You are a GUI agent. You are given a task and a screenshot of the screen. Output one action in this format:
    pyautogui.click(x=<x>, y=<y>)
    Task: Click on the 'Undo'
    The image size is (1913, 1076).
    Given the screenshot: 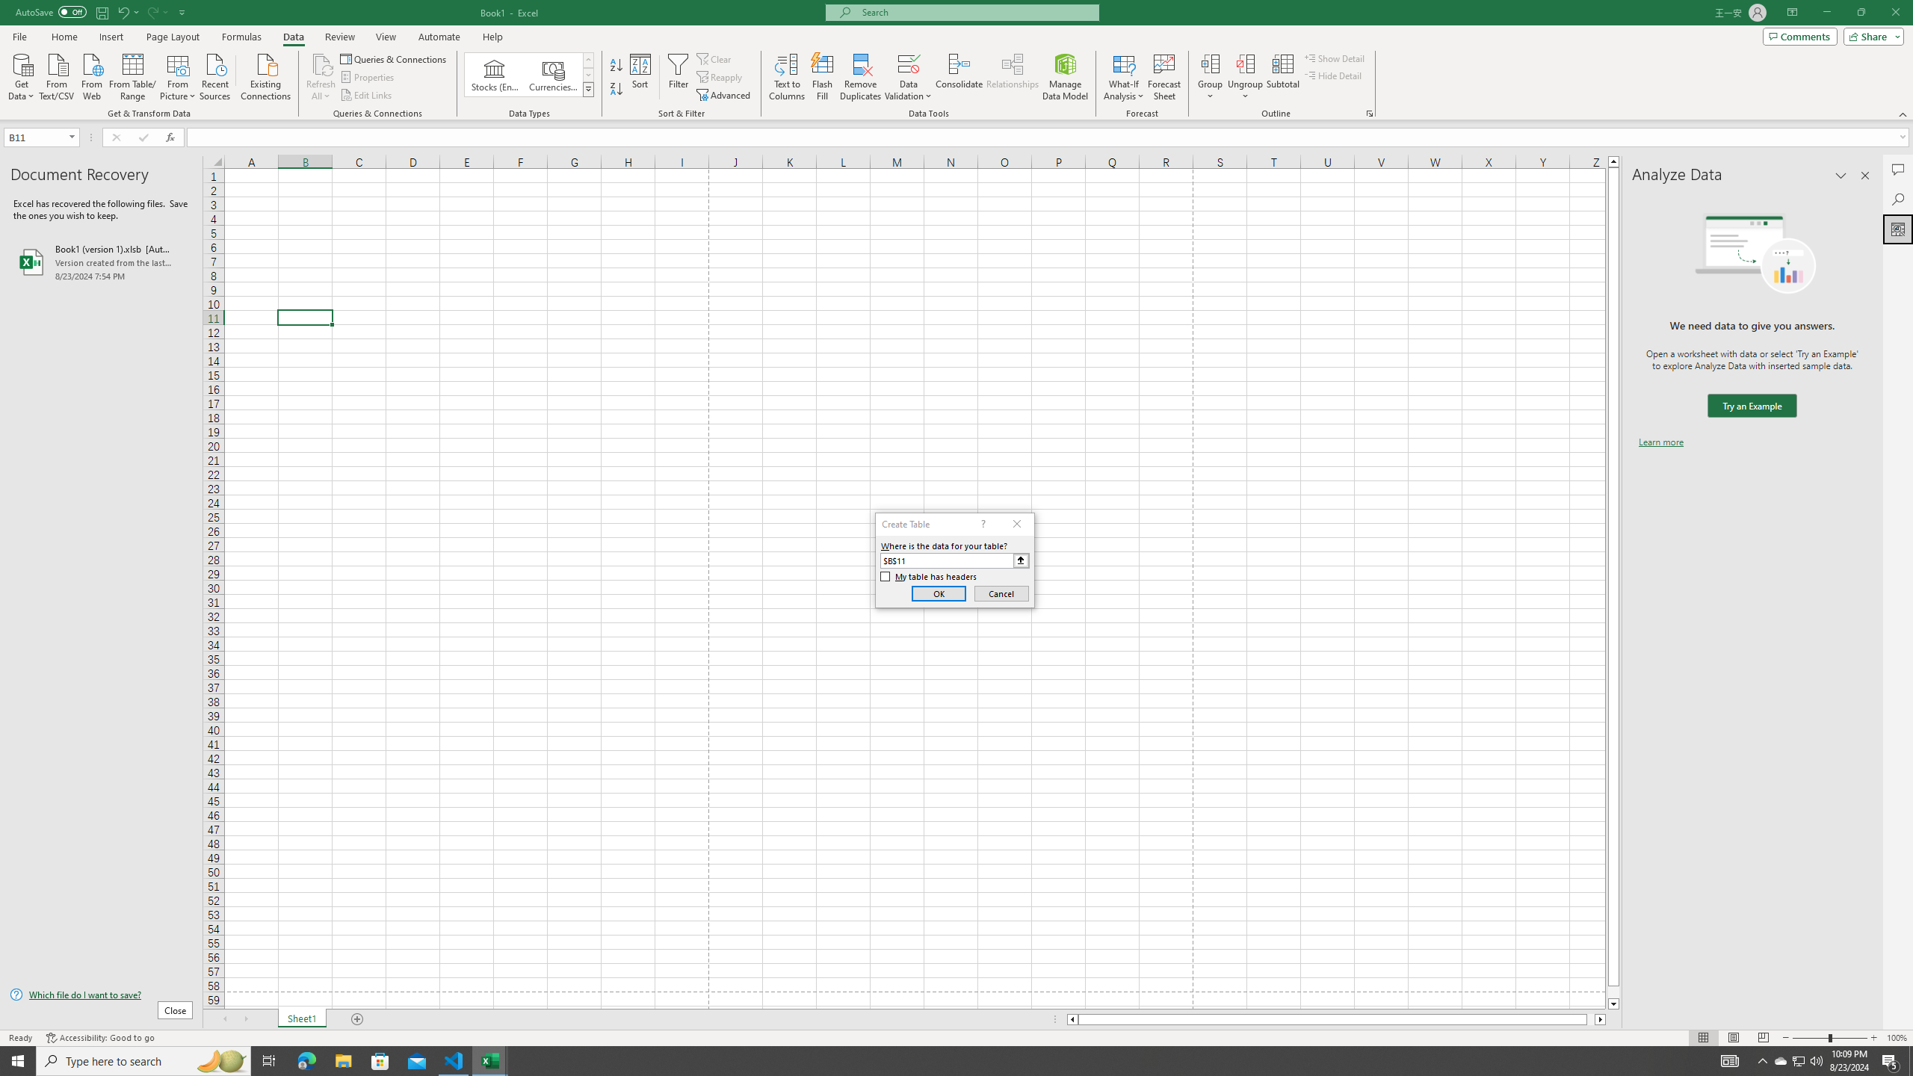 What is the action you would take?
    pyautogui.click(x=127, y=11)
    